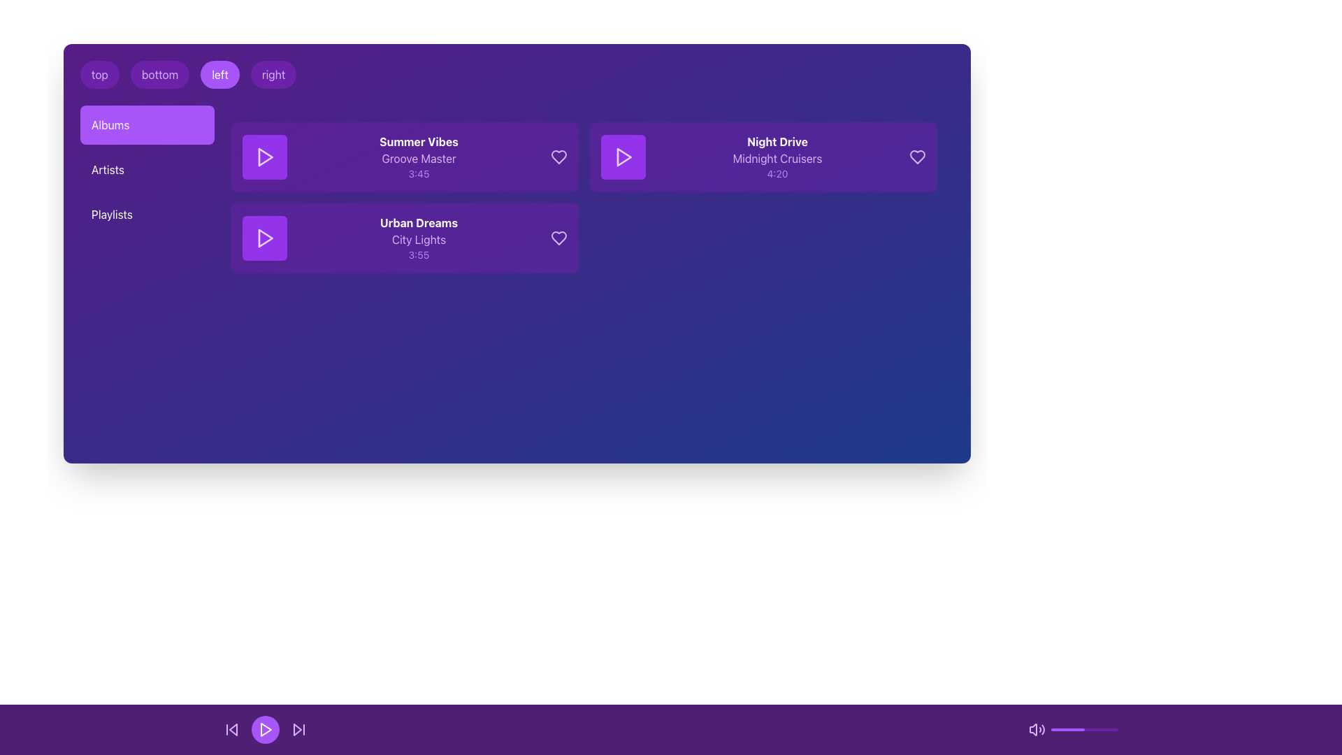 The image size is (1342, 755). What do you see at coordinates (623, 157) in the screenshot?
I see `the square-shaped button with a deep purple background and a white triangle indicating play, located to the left of 'Night Drive Midnight Cruisers 4:20' and the third in vertical arrangement among similar buttons` at bounding box center [623, 157].